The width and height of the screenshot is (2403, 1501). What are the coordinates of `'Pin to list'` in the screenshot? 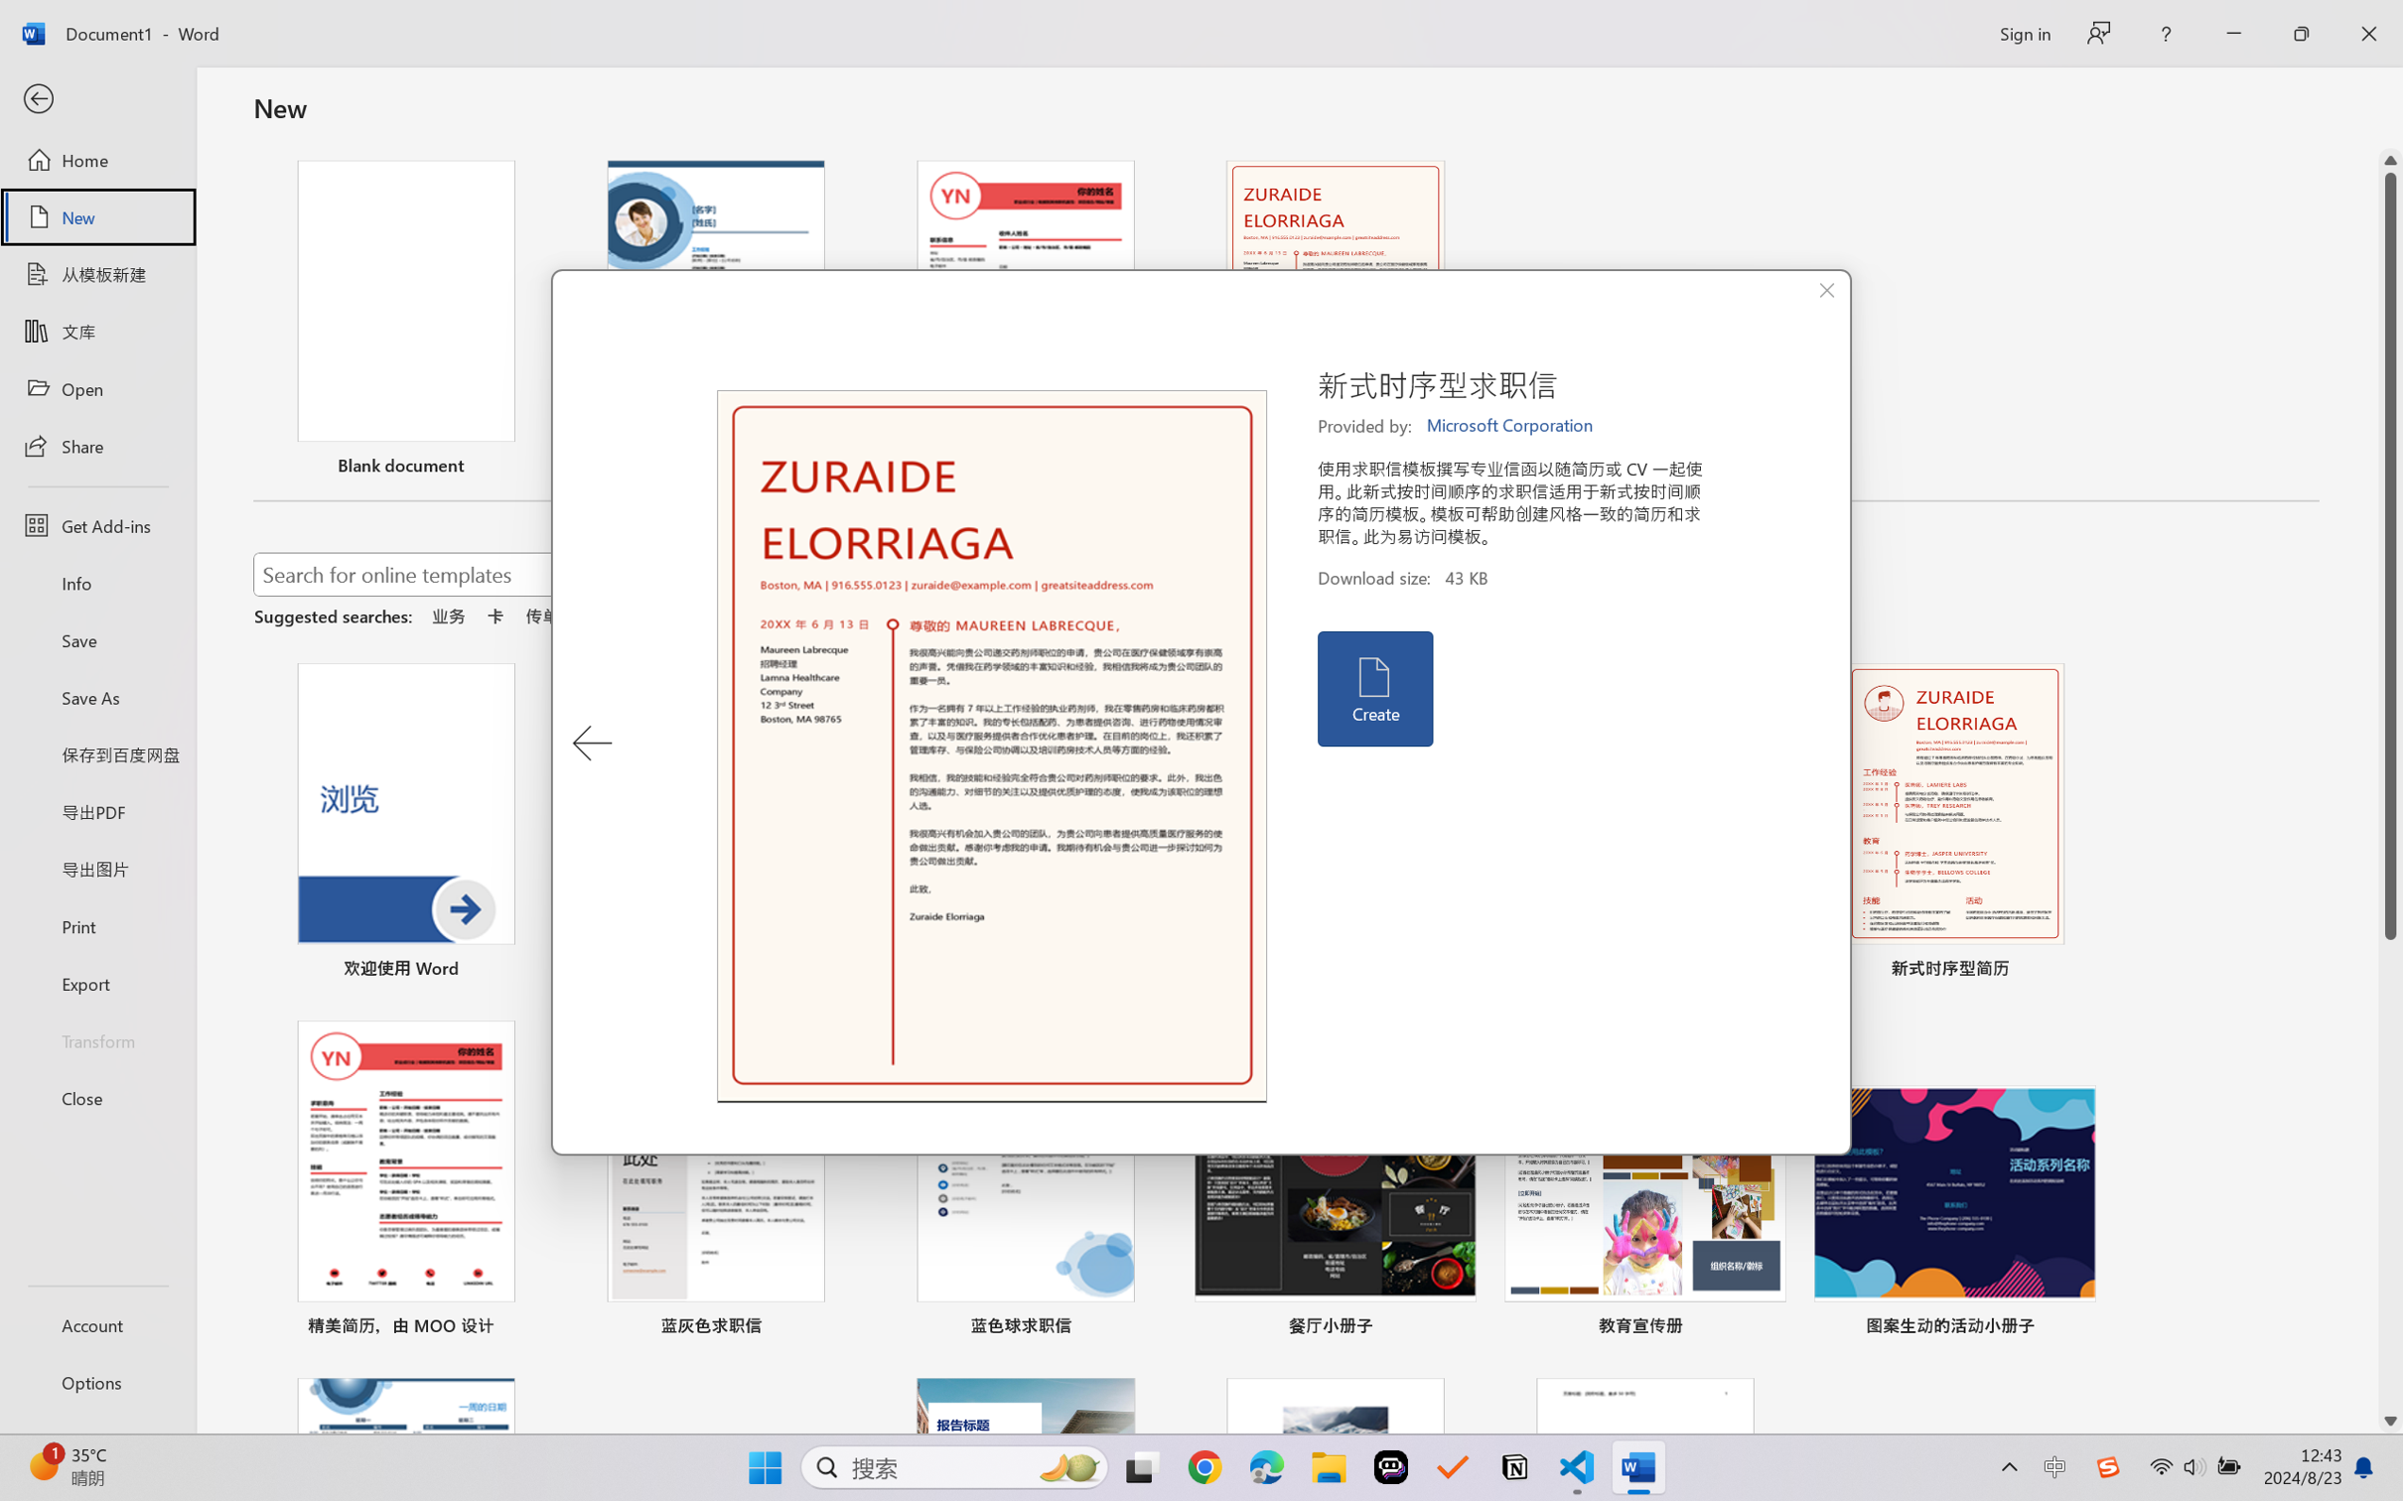 It's located at (2077, 1327).